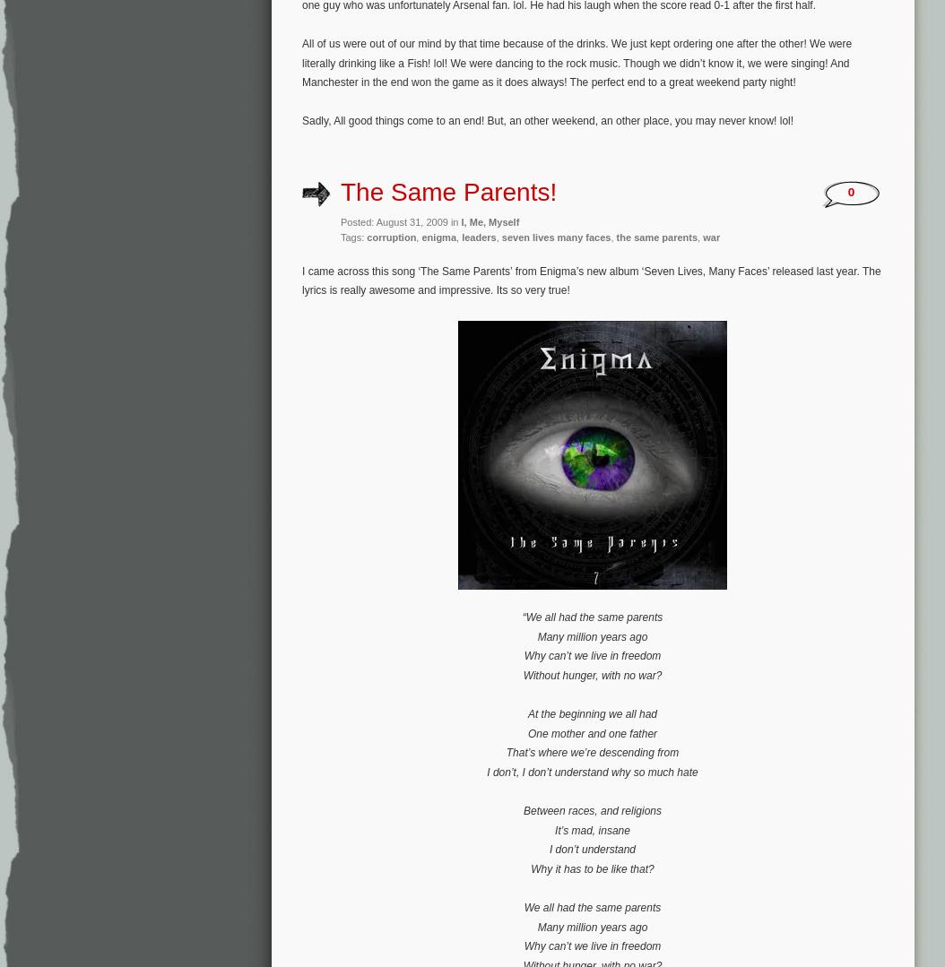 The width and height of the screenshot is (945, 967). I want to click on 'We all had the same parents', so click(592, 907).